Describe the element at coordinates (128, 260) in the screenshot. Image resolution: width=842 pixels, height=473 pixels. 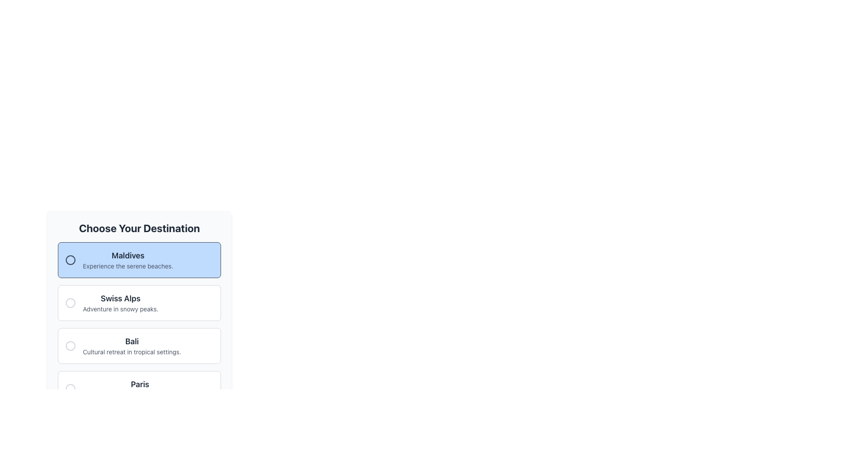
I see `the text block containing the header and description that displays 'Maldives' and 'Experience the serene beaches' to read more about the destination` at that location.